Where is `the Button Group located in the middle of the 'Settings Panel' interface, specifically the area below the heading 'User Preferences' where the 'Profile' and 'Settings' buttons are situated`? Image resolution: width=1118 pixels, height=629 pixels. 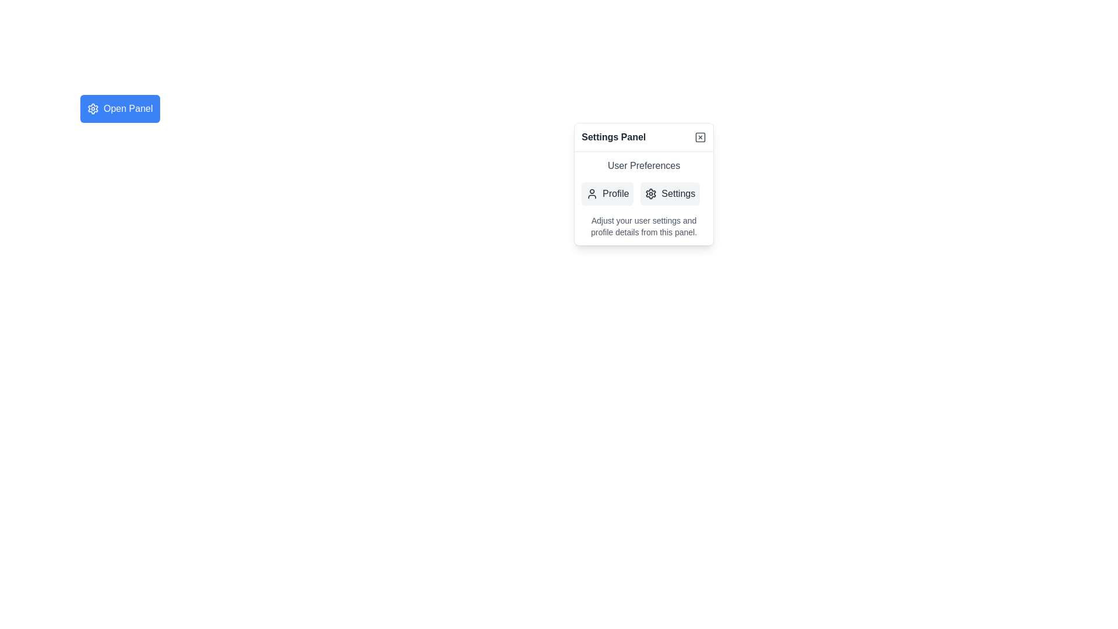
the Button Group located in the middle of the 'Settings Panel' interface, specifically the area below the heading 'User Preferences' where the 'Profile' and 'Settings' buttons are situated is located at coordinates (643, 193).